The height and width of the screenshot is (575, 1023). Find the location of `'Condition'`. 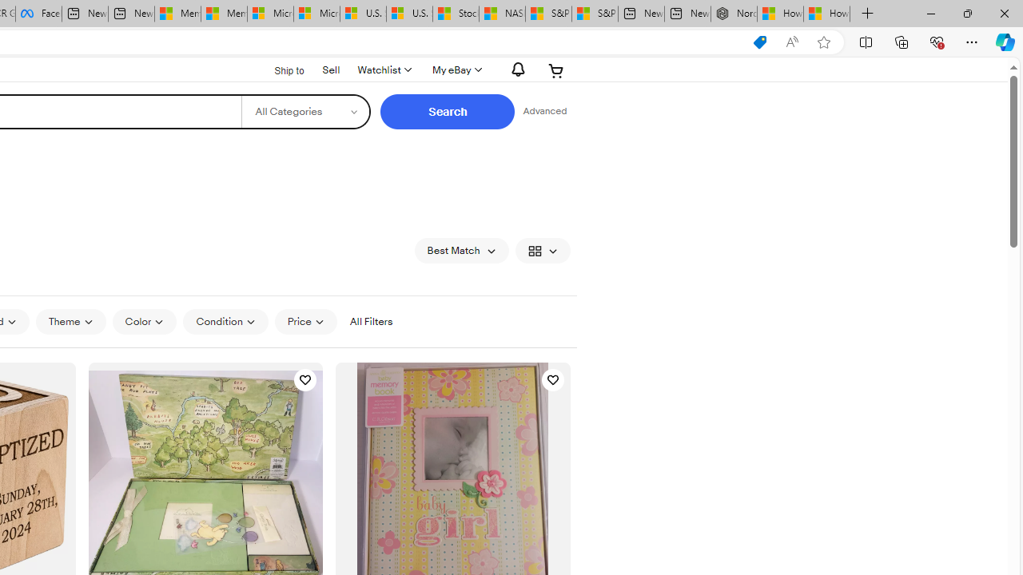

'Condition' is located at coordinates (225, 321).